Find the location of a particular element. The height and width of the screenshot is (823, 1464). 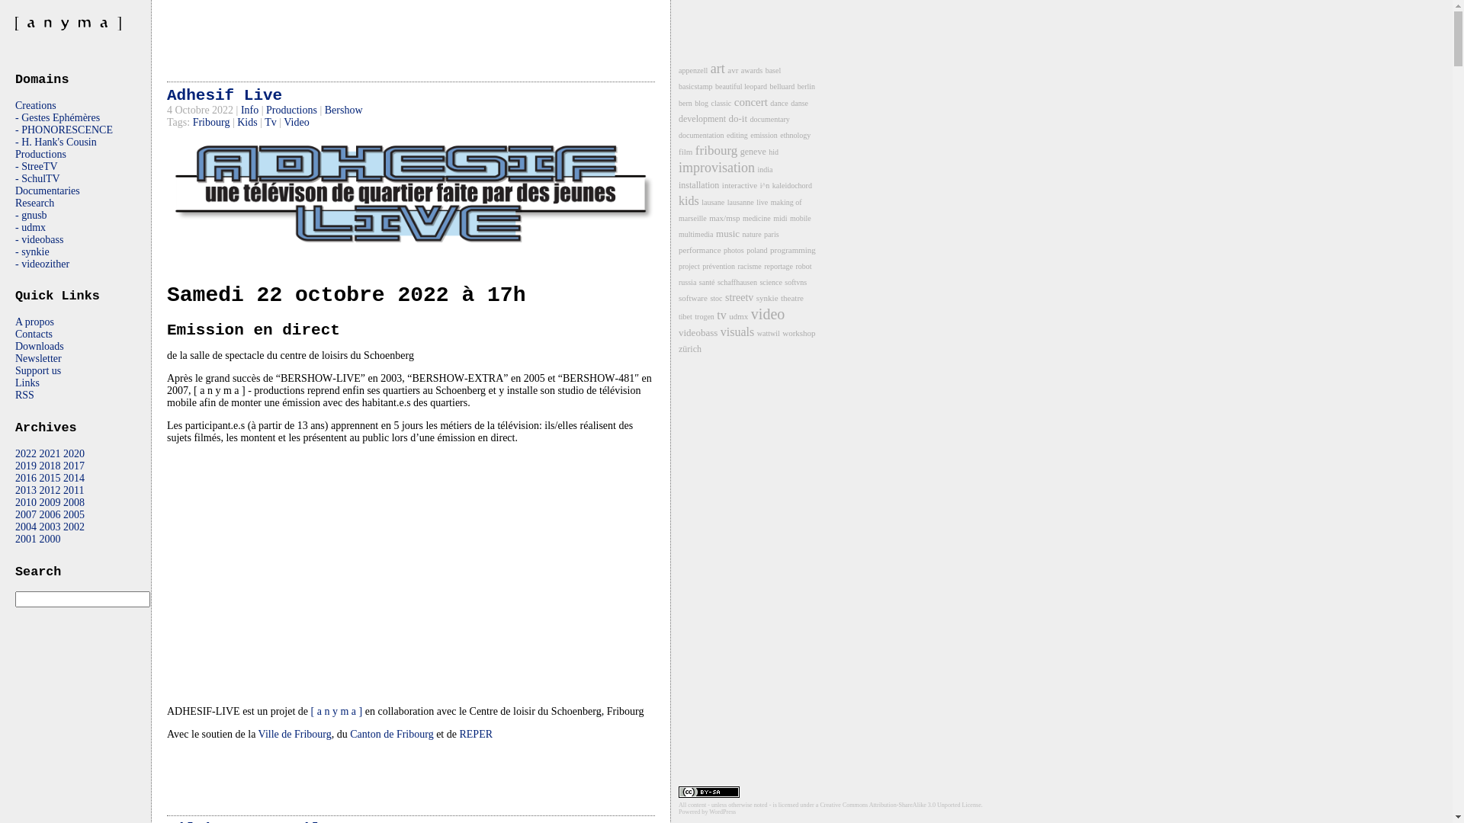

'nature' is located at coordinates (752, 234).